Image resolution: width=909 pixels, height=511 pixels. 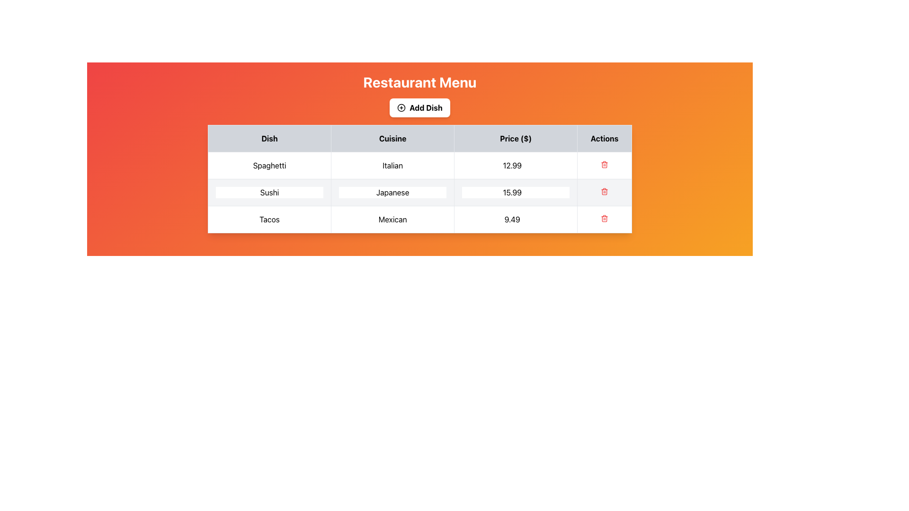 I want to click on on the text input field that contains the word 'Italian' in the 'Cuisine' column of the table, so click(x=392, y=165).